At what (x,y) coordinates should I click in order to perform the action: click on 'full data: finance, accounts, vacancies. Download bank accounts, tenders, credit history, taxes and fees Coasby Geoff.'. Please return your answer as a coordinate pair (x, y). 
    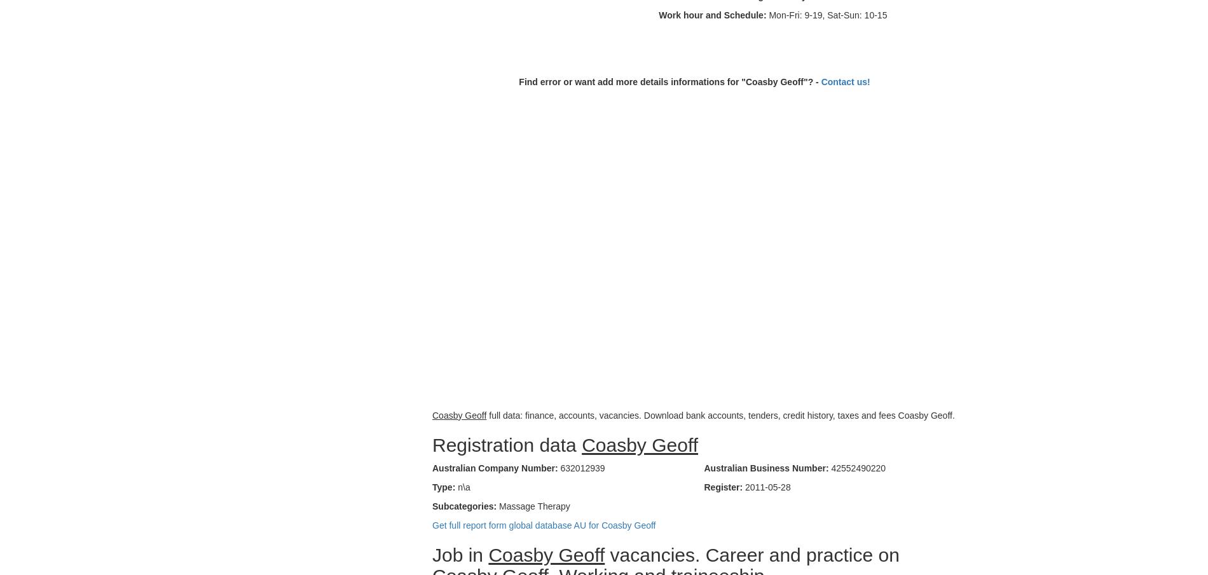
    Looking at the image, I should click on (720, 414).